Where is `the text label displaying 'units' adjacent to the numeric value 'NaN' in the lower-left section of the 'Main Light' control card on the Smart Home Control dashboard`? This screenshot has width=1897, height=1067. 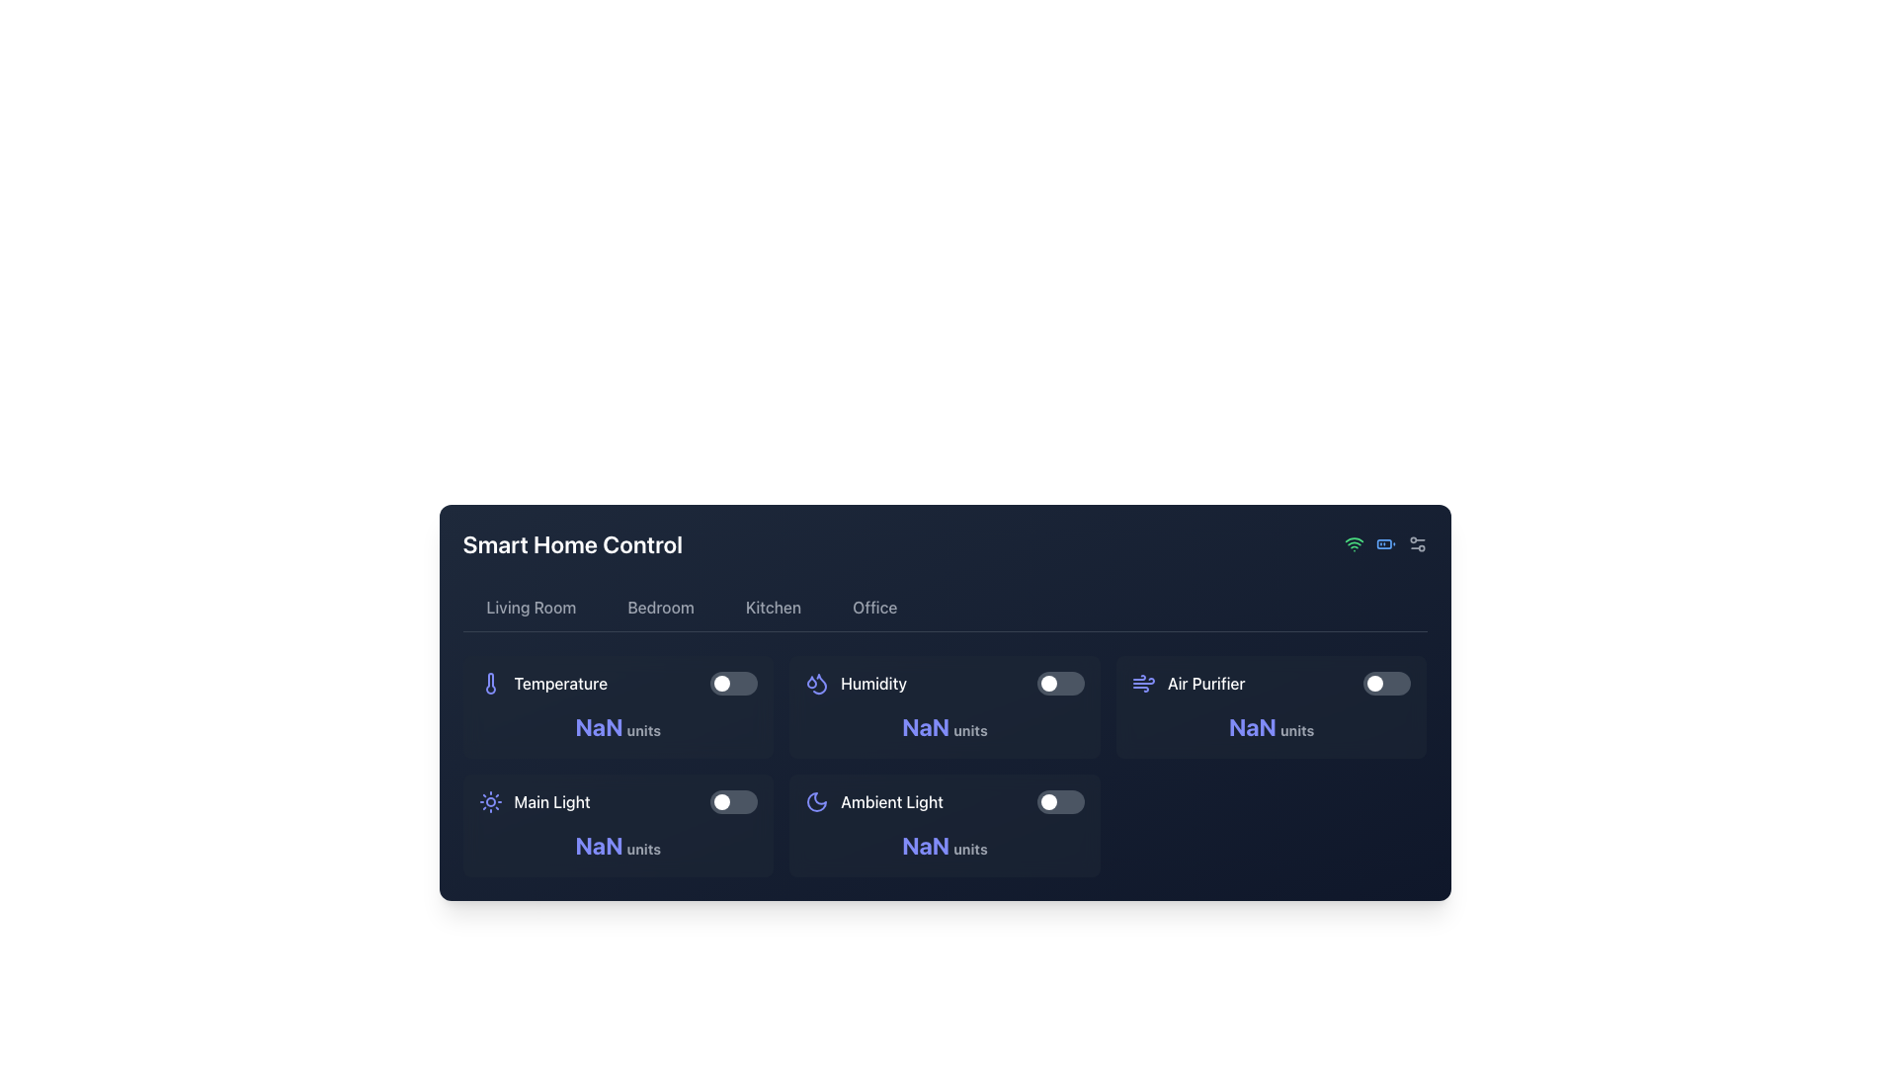 the text label displaying 'units' adjacent to the numeric value 'NaN' in the lower-left section of the 'Main Light' control card on the Smart Home Control dashboard is located at coordinates (643, 848).